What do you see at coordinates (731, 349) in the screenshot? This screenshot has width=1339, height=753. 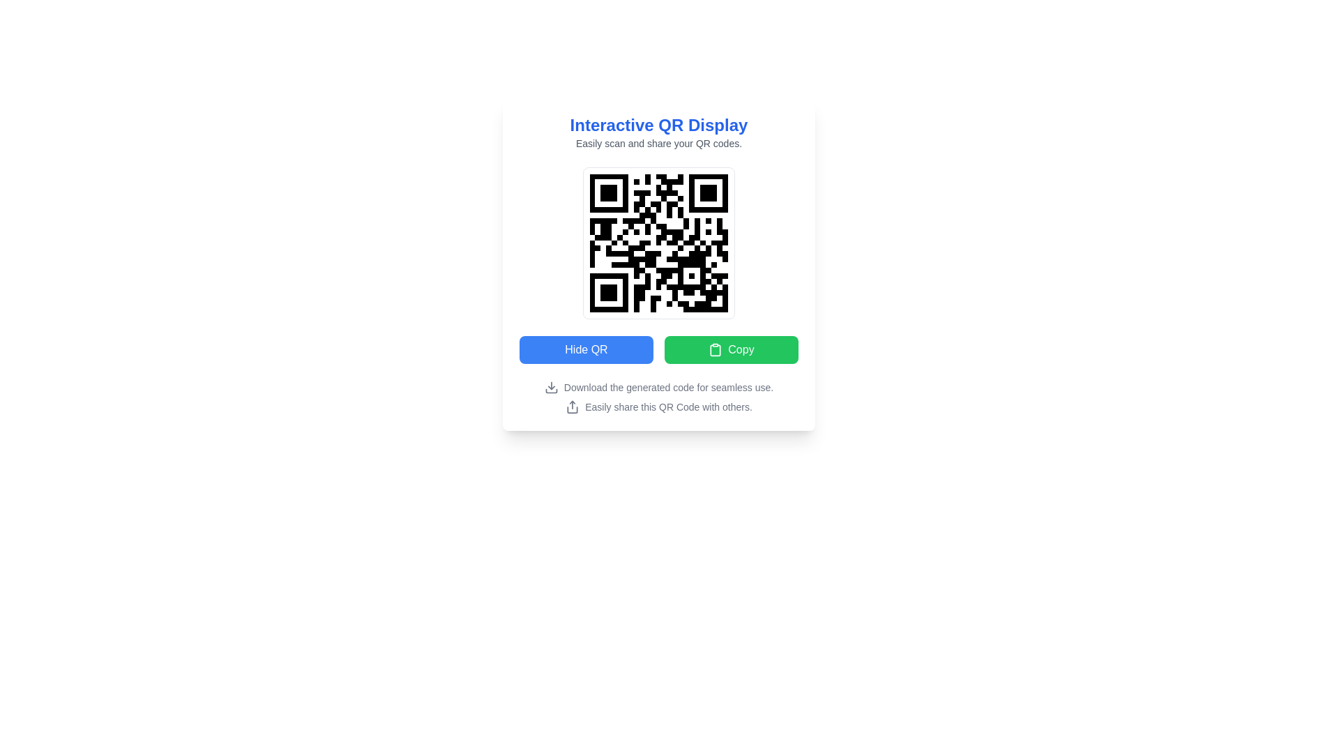 I see `the green 'Copy' button with rounded corners, labeled in white text, located to the right of the 'Hide QR' button` at bounding box center [731, 349].